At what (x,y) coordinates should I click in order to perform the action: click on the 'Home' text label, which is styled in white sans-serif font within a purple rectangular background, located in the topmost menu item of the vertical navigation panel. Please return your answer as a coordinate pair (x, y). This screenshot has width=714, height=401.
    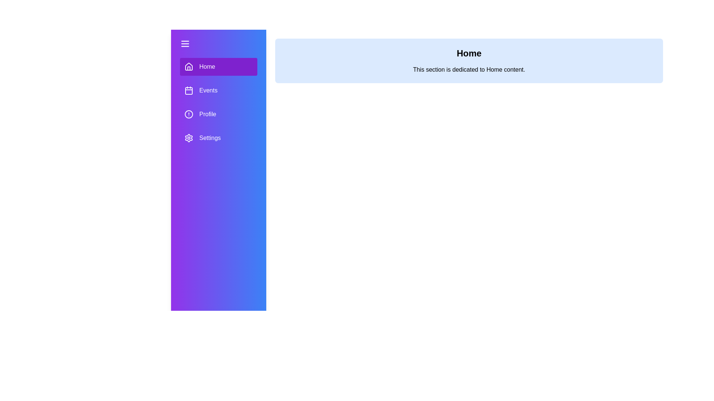
    Looking at the image, I should click on (207, 67).